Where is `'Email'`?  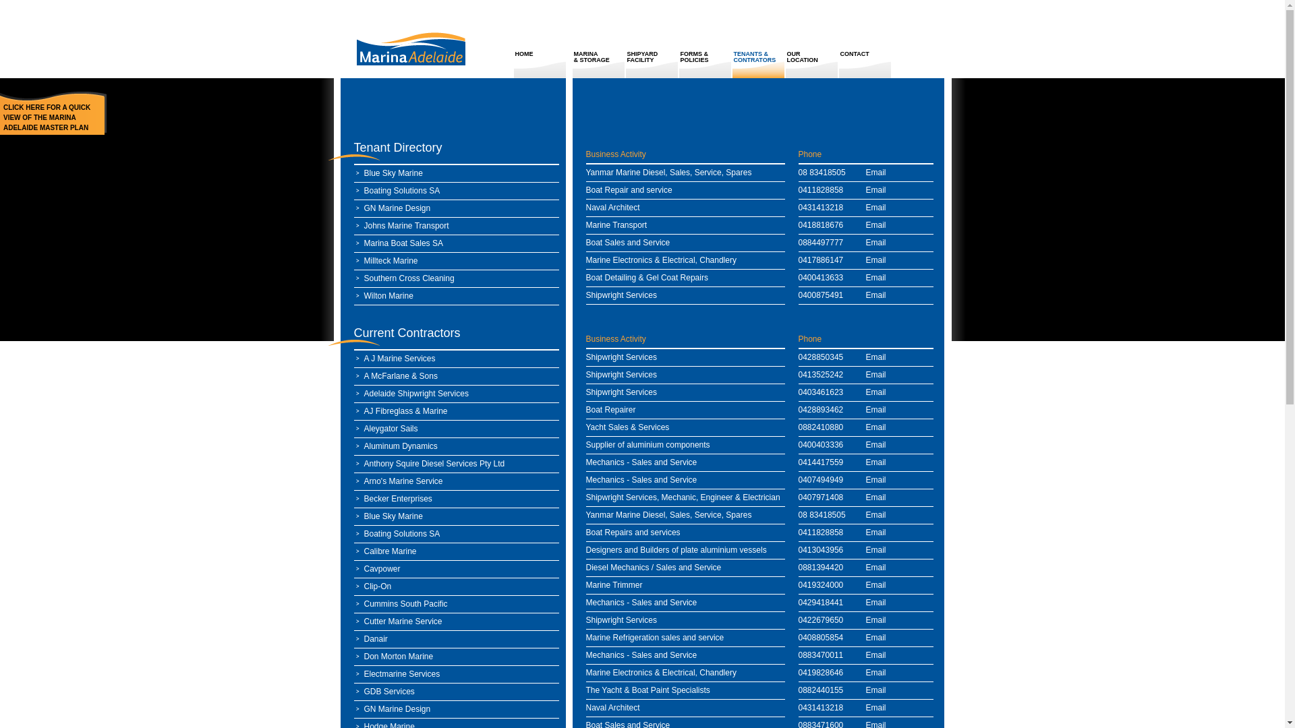 'Email' is located at coordinates (876, 673).